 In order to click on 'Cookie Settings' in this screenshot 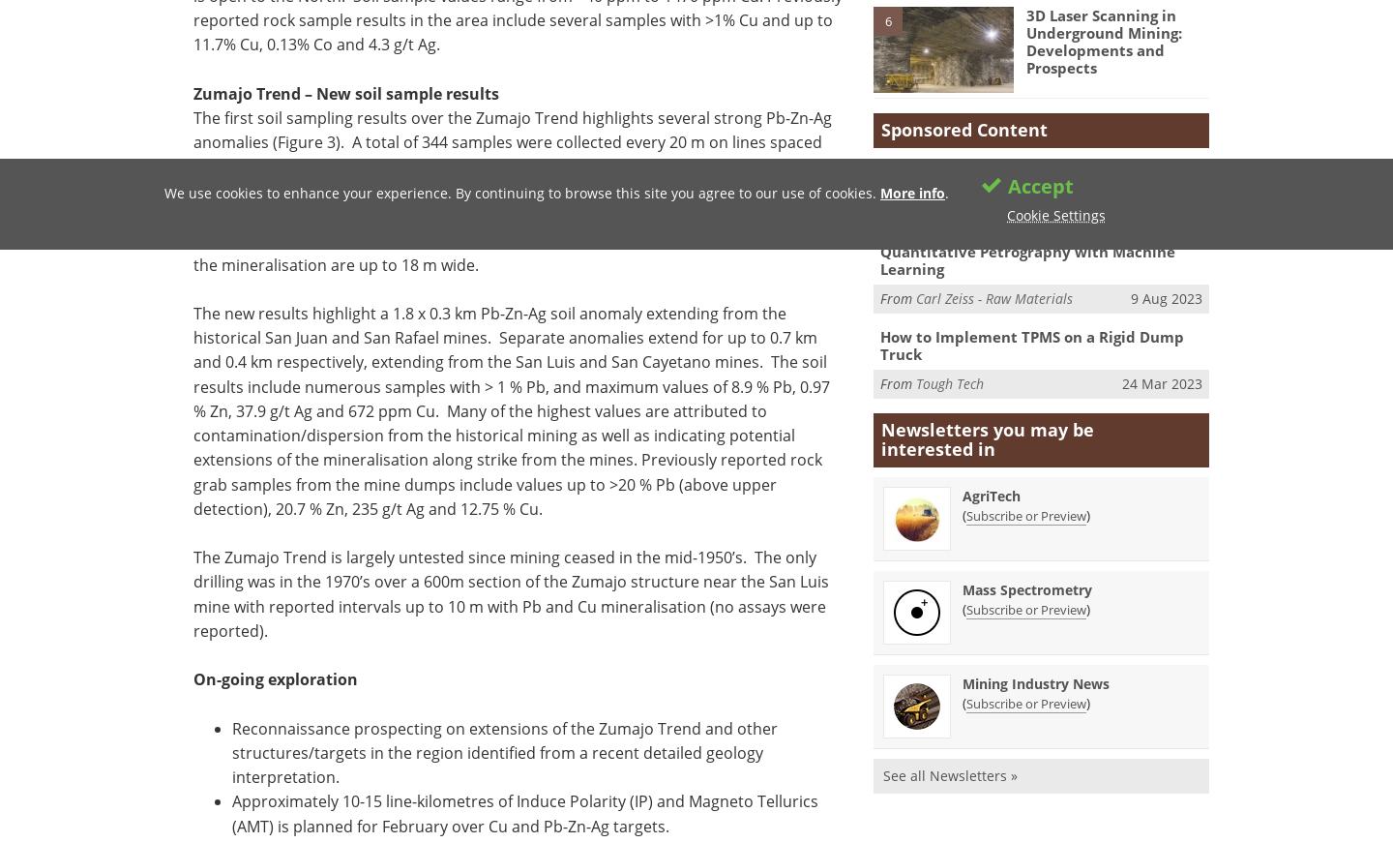, I will do `click(1054, 215)`.